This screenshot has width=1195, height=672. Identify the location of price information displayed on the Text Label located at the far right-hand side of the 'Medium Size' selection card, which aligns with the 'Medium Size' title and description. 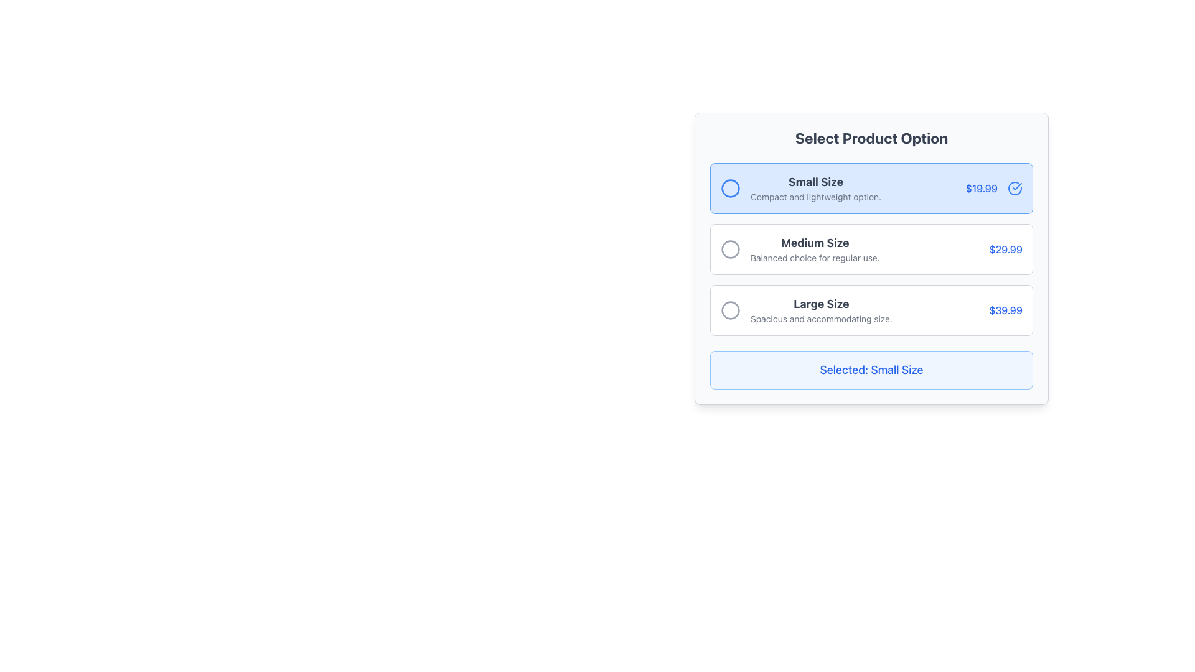
(1006, 250).